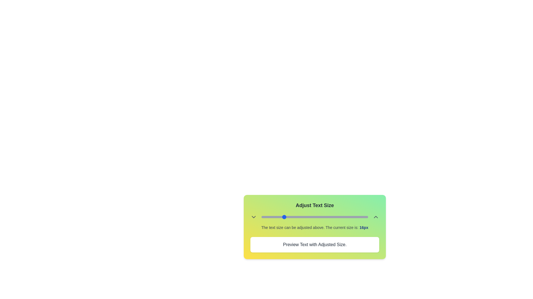 The image size is (533, 299). I want to click on the text size to 17px using the slider, so click(285, 216).